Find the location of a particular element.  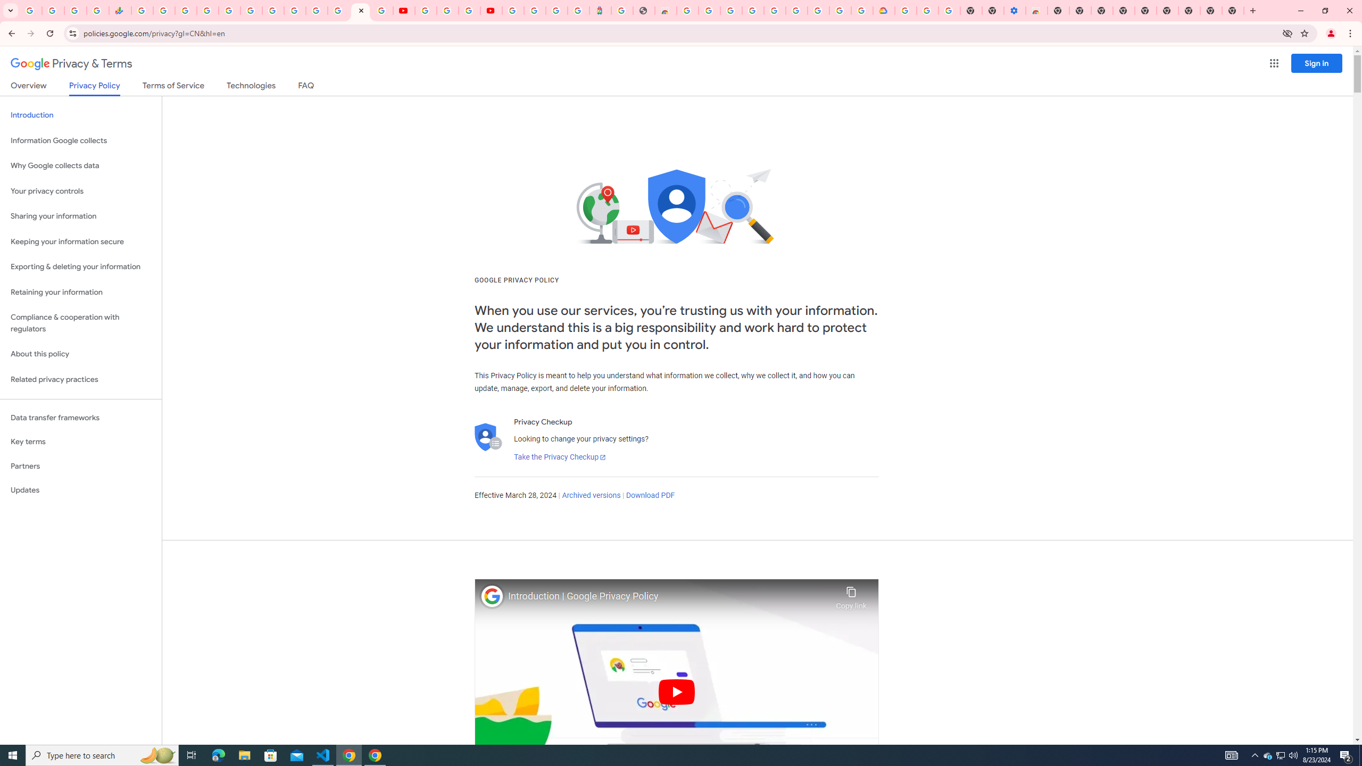

'About this policy' is located at coordinates (80, 354).